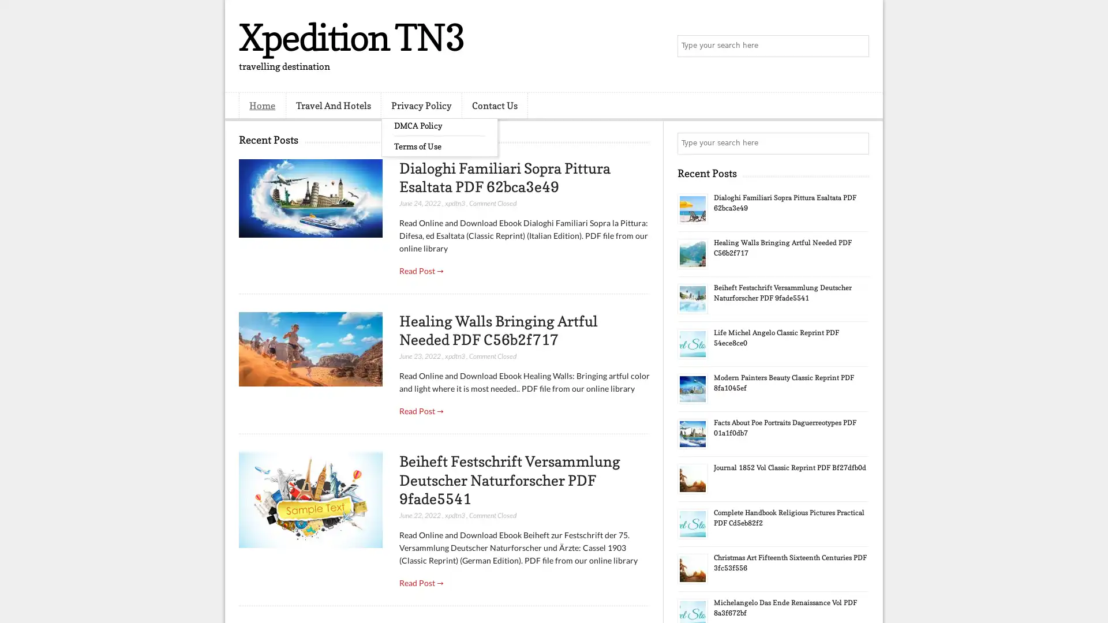 Image resolution: width=1108 pixels, height=623 pixels. What do you see at coordinates (857, 46) in the screenshot?
I see `Search` at bounding box center [857, 46].